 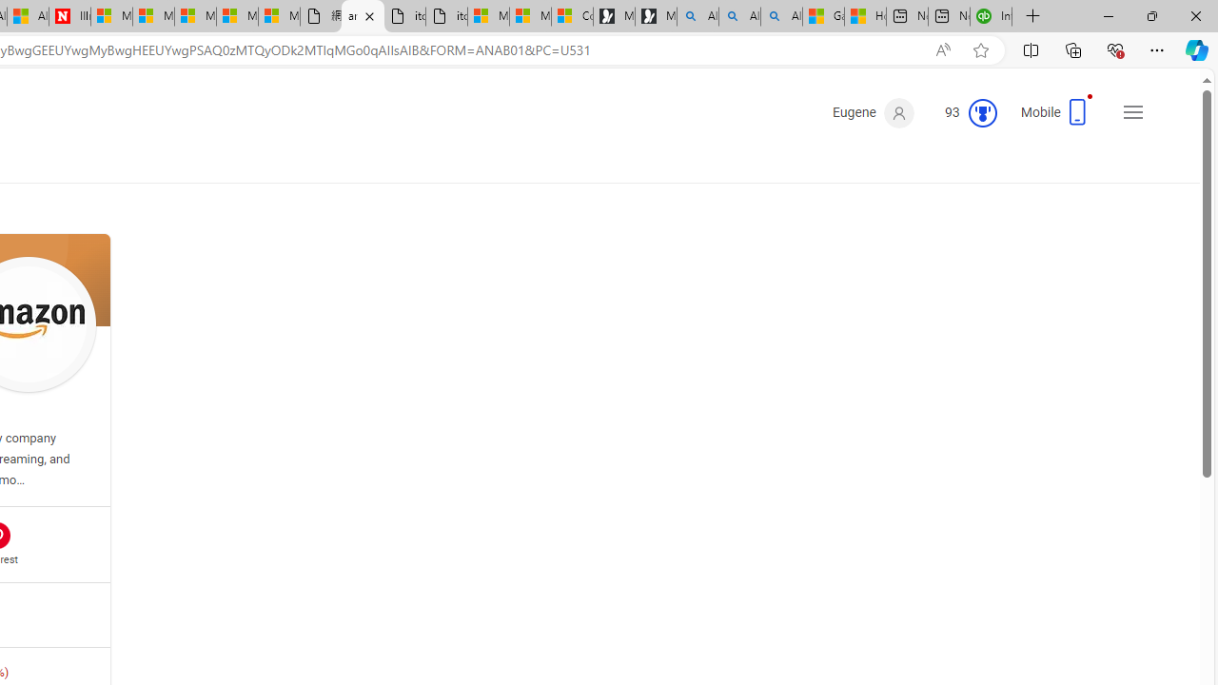 I want to click on 'Microsoft Rewards 93', so click(x=963, y=113).